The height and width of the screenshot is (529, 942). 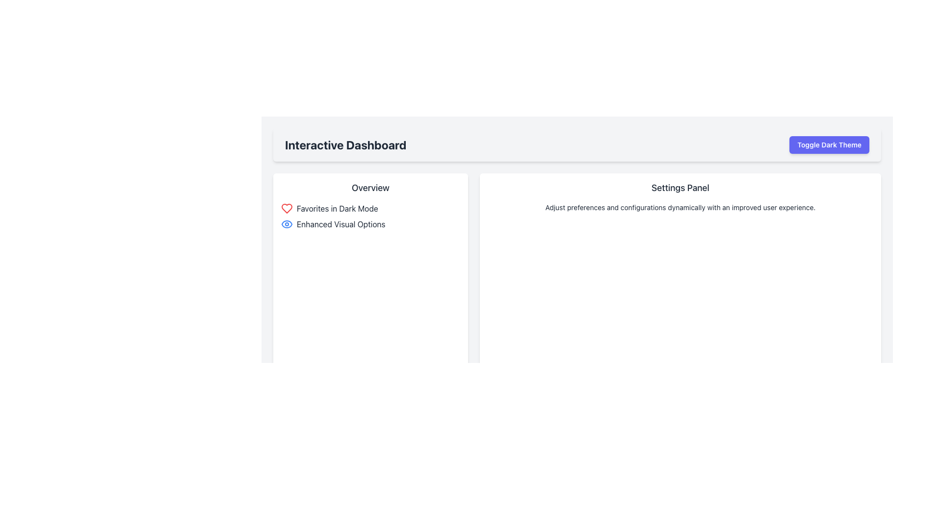 What do you see at coordinates (829, 145) in the screenshot?
I see `the 'Toggle Dark Theme' button, which is a rectangular button with white text on a purple background, located in the upper-right part of the 'Interactive Dashboard'` at bounding box center [829, 145].